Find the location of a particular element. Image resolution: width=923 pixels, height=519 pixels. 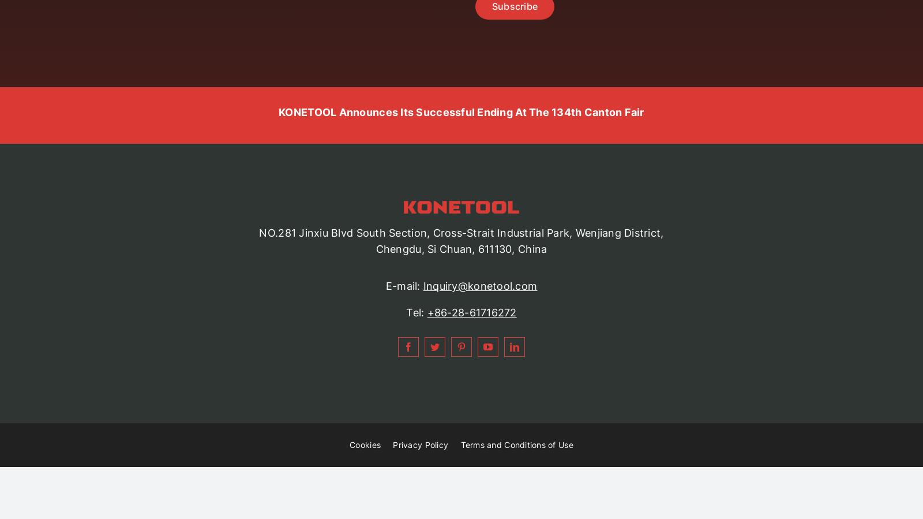

'Cookies' is located at coordinates (365, 445).